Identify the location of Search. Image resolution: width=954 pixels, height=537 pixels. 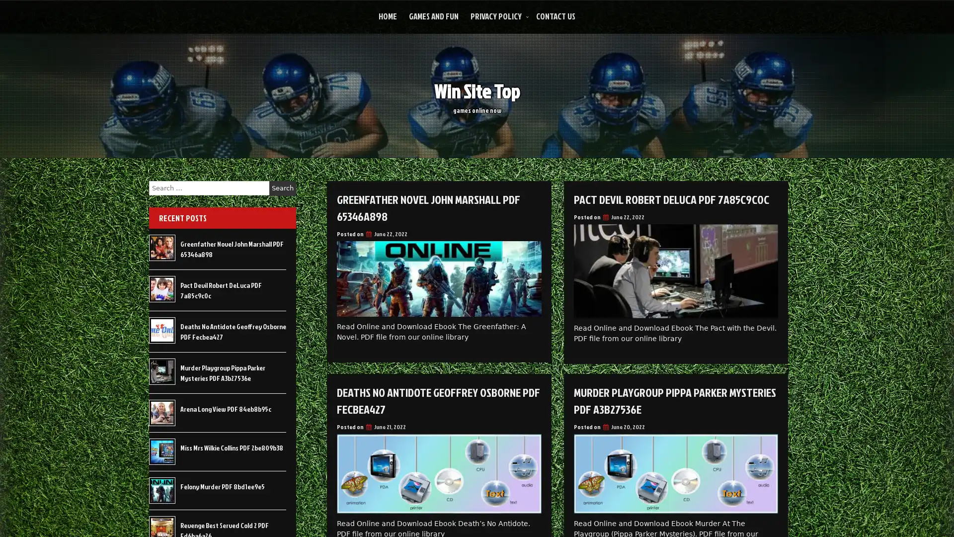
(282, 188).